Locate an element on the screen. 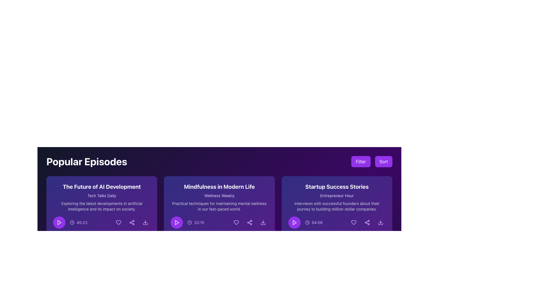 The image size is (537, 302). the 'like' icon located beneath the card titled 'The Future of AI Development' in the 'Popular Episodes' section is located at coordinates (118, 222).